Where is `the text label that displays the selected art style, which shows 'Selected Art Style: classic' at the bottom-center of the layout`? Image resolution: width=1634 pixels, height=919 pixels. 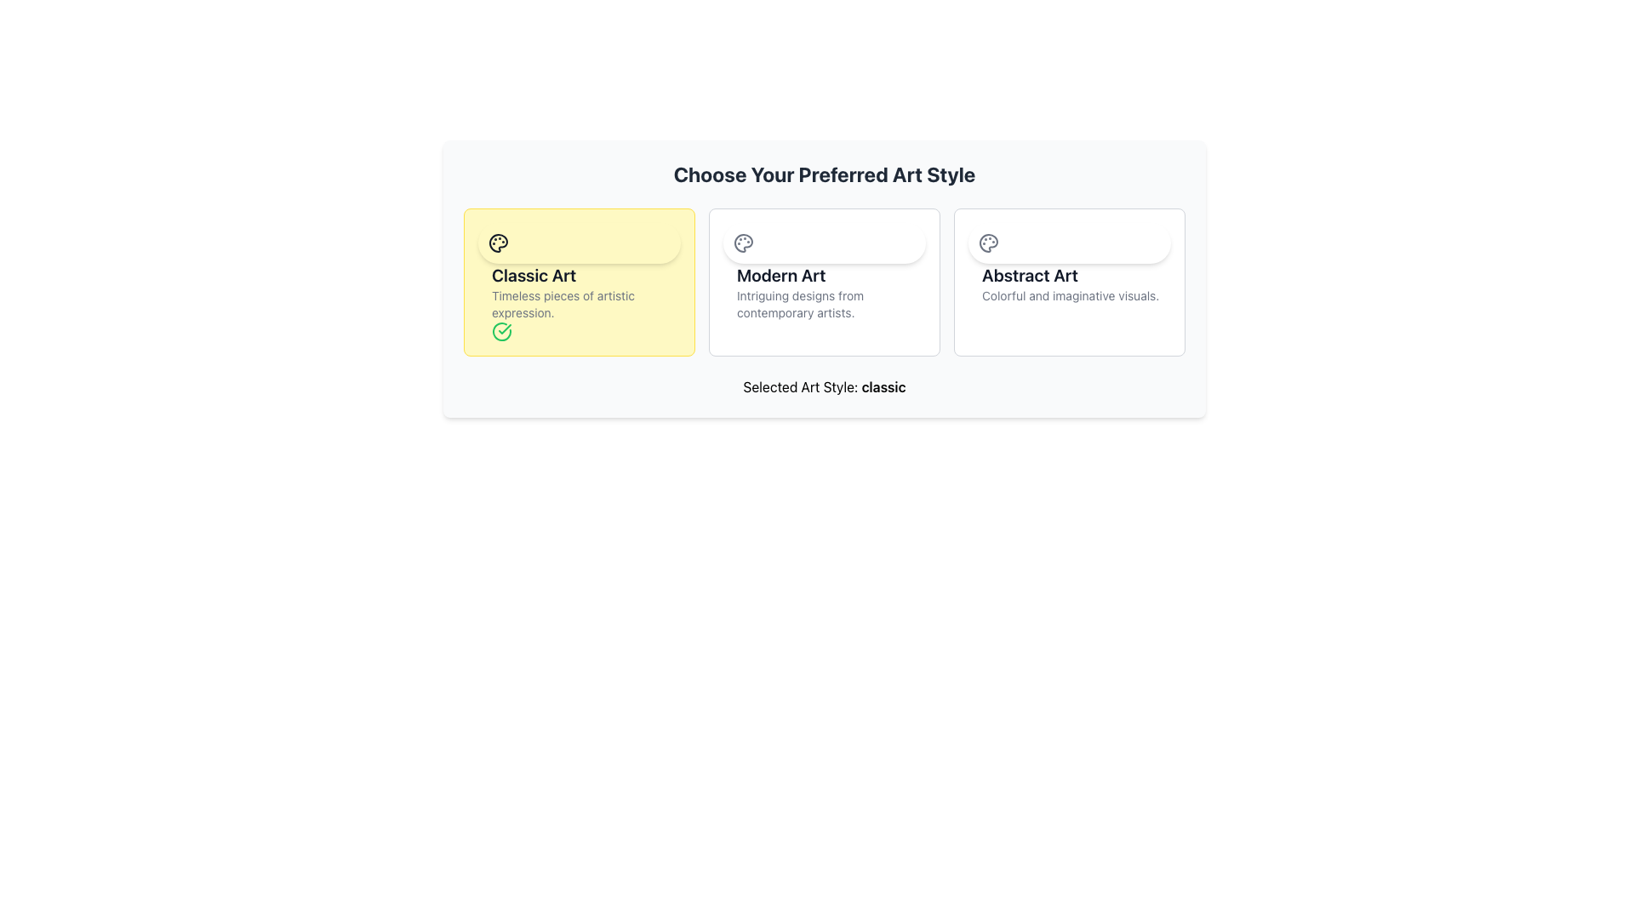 the text label that displays the selected art style, which shows 'Selected Art Style: classic' at the bottom-center of the layout is located at coordinates (883, 387).